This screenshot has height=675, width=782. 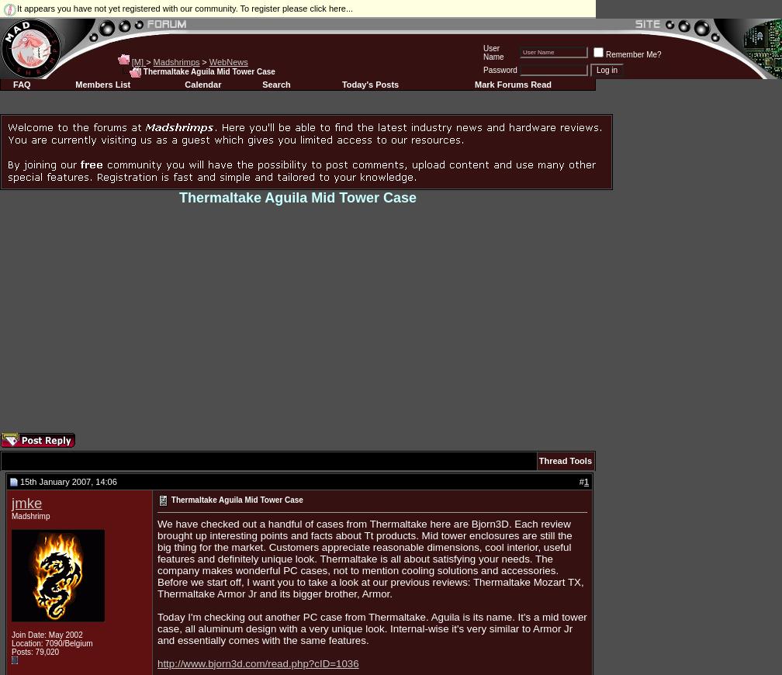 What do you see at coordinates (30, 516) in the screenshot?
I see `'Madshrimp'` at bounding box center [30, 516].